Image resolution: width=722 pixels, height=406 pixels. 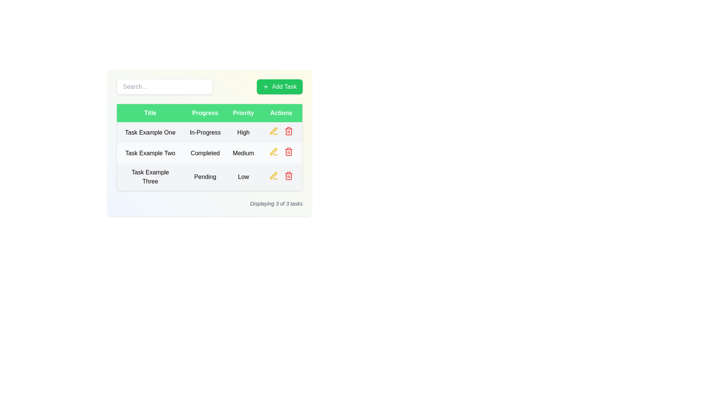 What do you see at coordinates (243, 153) in the screenshot?
I see `the medium-sized text label displaying 'Medium' in the 'Priority' column of the table, located in the second row` at bounding box center [243, 153].